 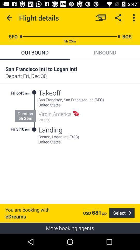 What do you see at coordinates (9, 18) in the screenshot?
I see `the item above sfo item` at bounding box center [9, 18].